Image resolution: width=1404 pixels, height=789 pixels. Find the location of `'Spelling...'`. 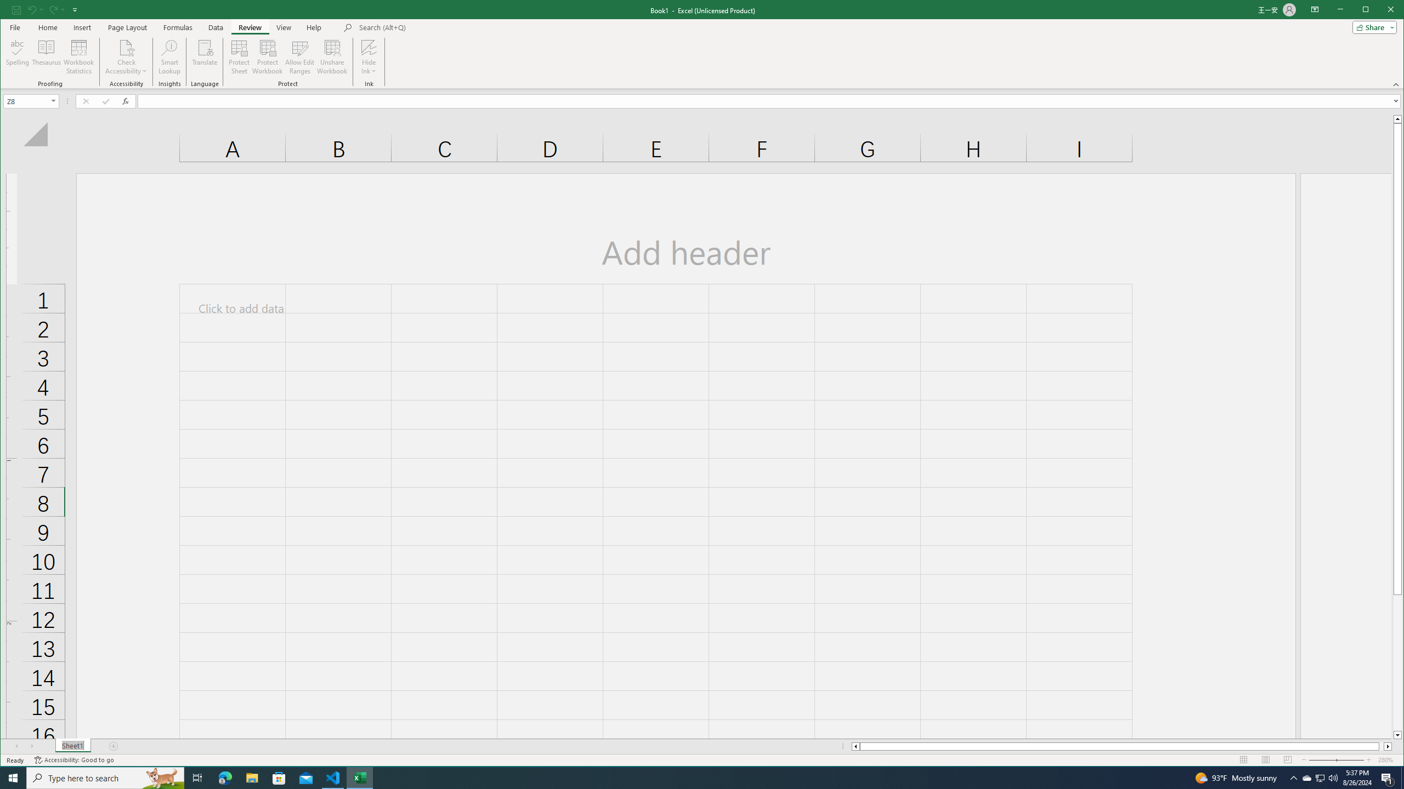

'Spelling...' is located at coordinates (18, 56).